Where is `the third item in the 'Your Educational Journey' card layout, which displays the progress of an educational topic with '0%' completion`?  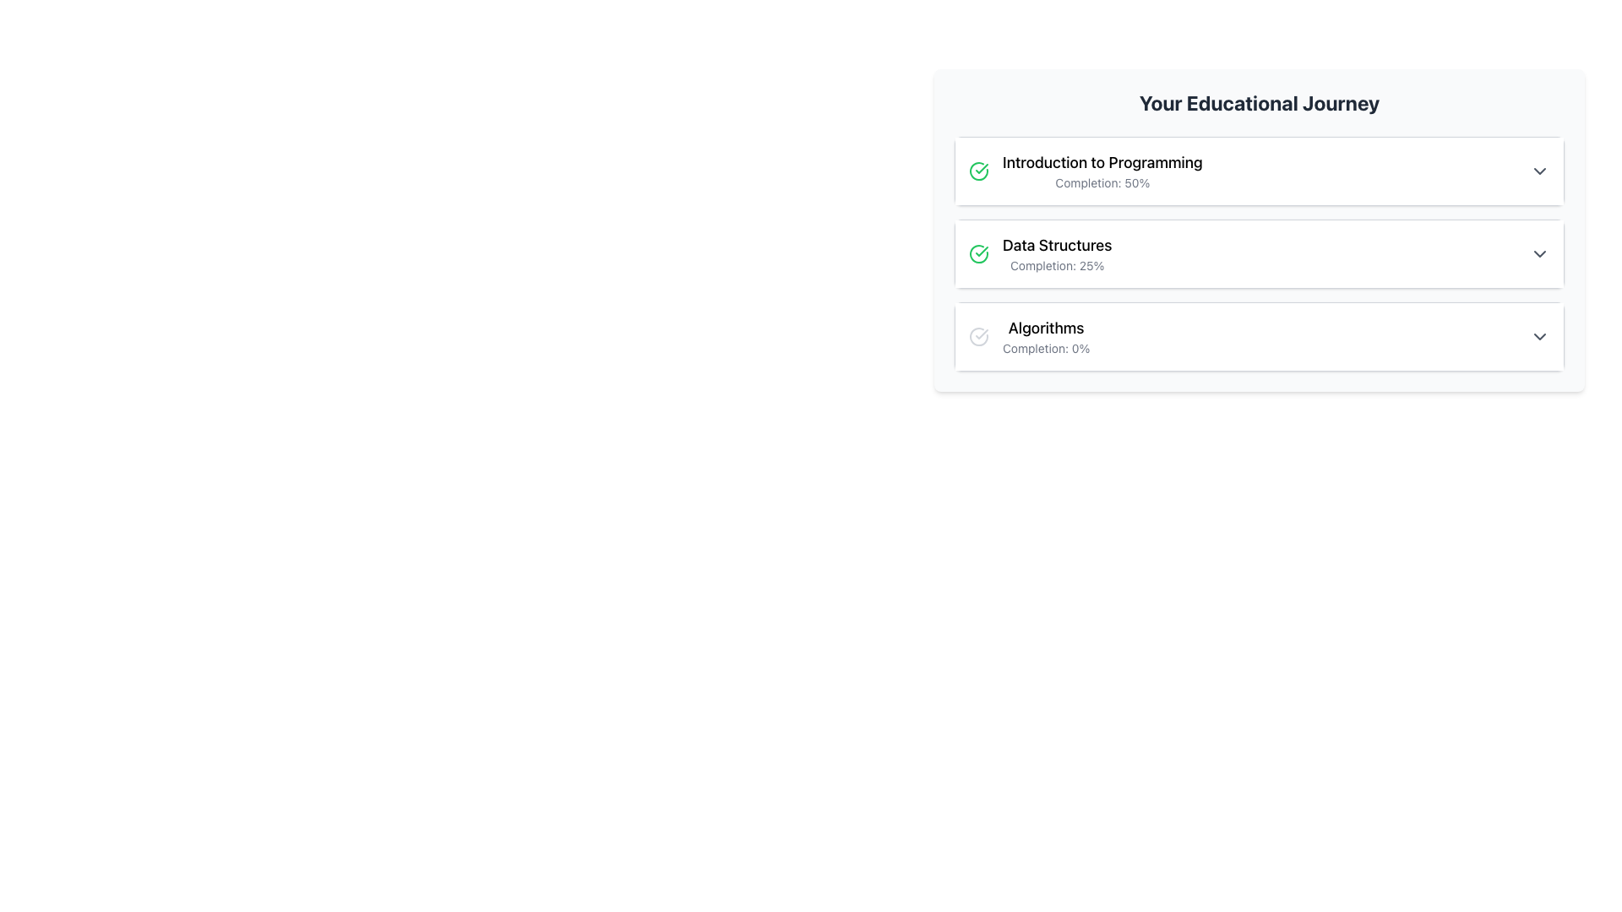 the third item in the 'Your Educational Journey' card layout, which displays the progress of an educational topic with '0%' completion is located at coordinates (1028, 336).